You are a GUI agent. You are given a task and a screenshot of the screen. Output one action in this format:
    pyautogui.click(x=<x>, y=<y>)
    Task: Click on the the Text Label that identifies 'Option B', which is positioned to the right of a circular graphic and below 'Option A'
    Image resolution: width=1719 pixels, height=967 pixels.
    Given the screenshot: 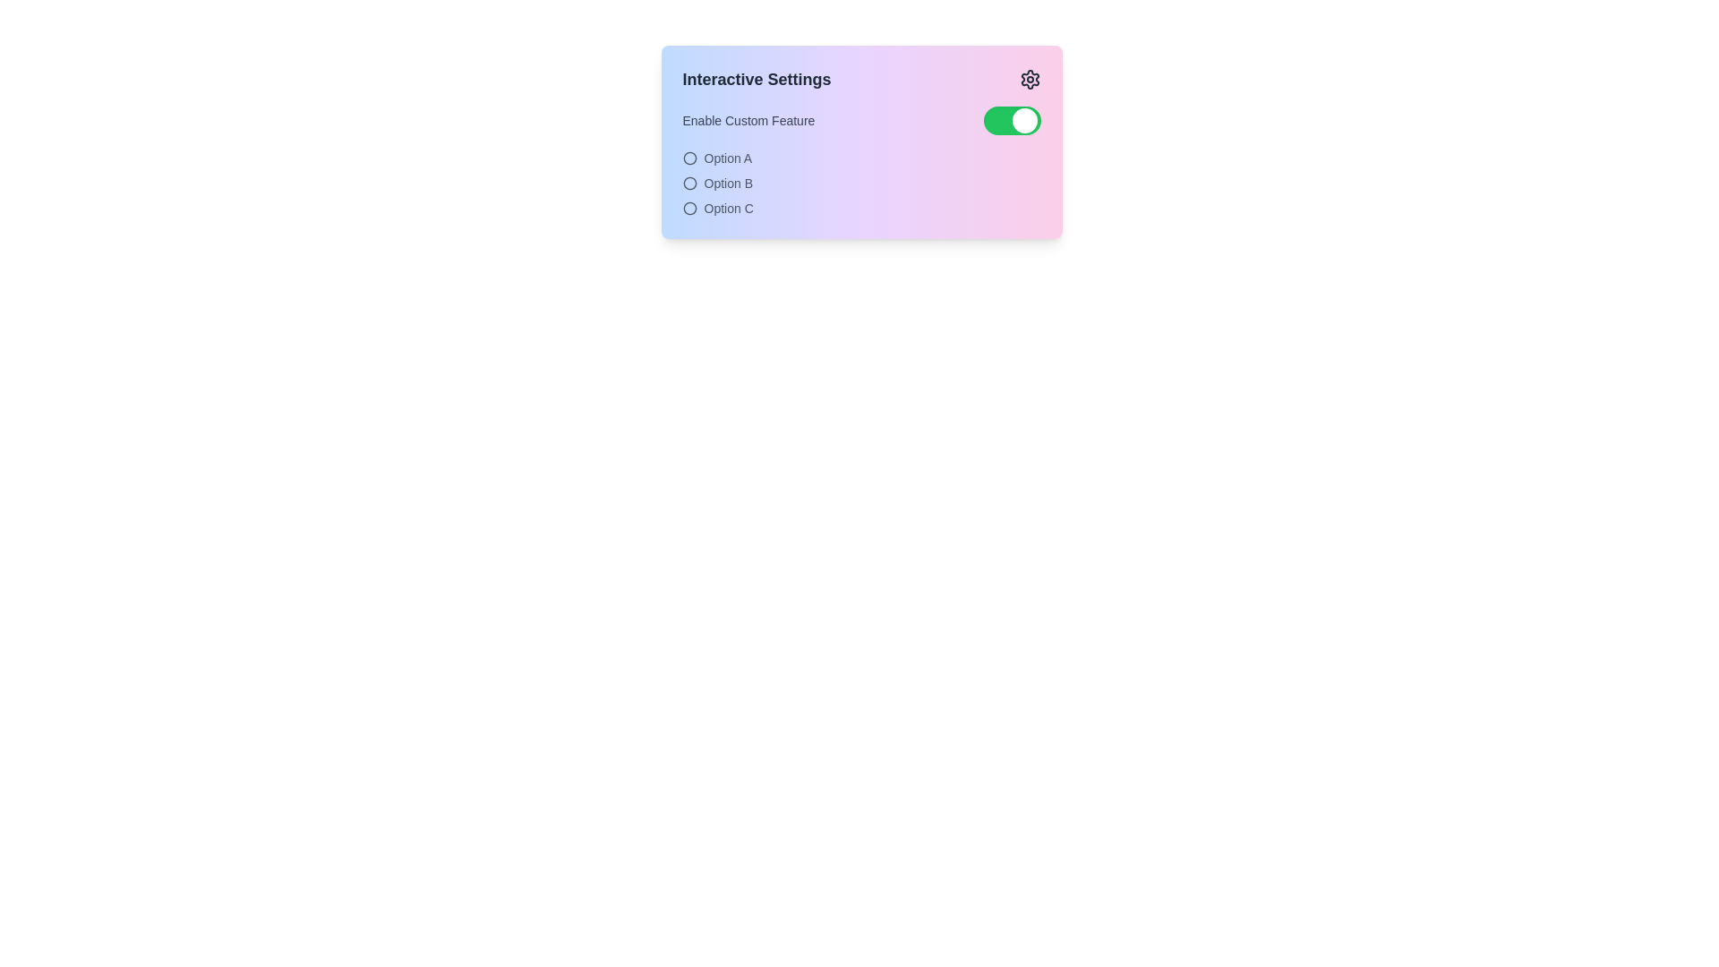 What is the action you would take?
    pyautogui.click(x=728, y=183)
    